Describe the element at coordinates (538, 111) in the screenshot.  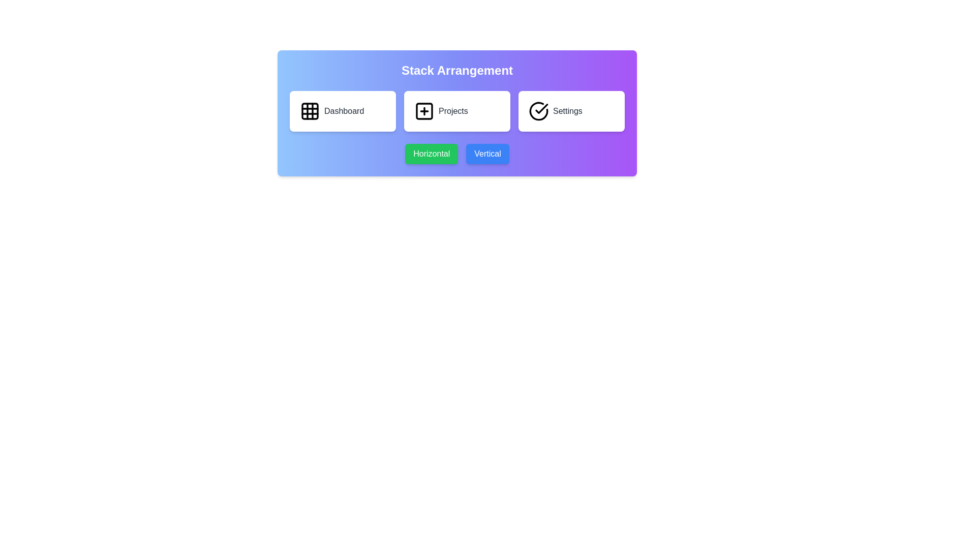
I see `the circular icon with a checkmark that is part of the 'Settings' button, located to the left of the text 'Settings' in the 'Stack Arrangement' box` at that location.